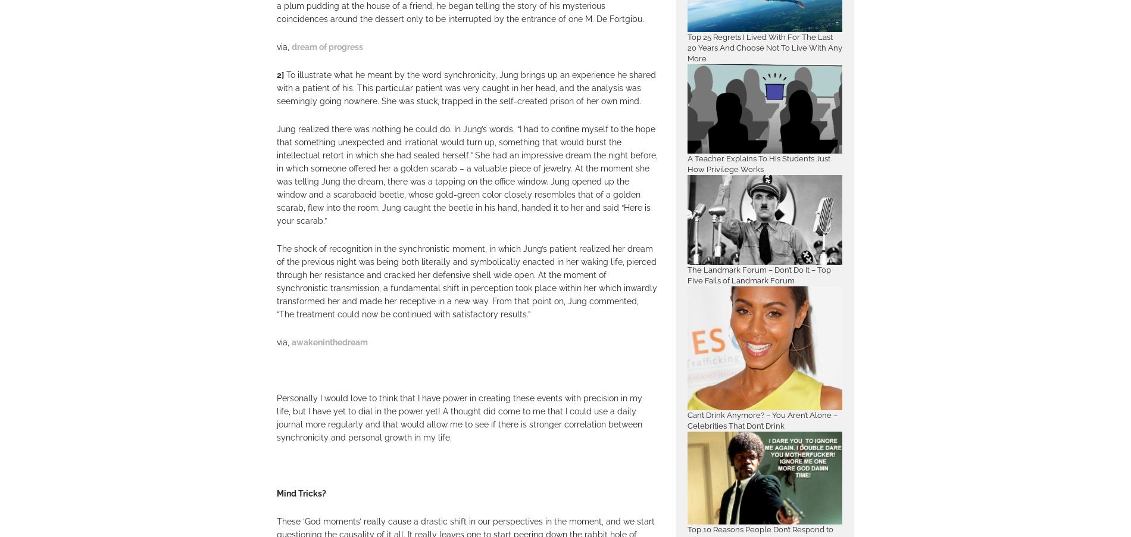 This screenshot has width=1131, height=537. What do you see at coordinates (761, 420) in the screenshot?
I see `'Can’t Drink Anymore? – You Aren’t Alone – Celebrities That Don’t Drink'` at bounding box center [761, 420].